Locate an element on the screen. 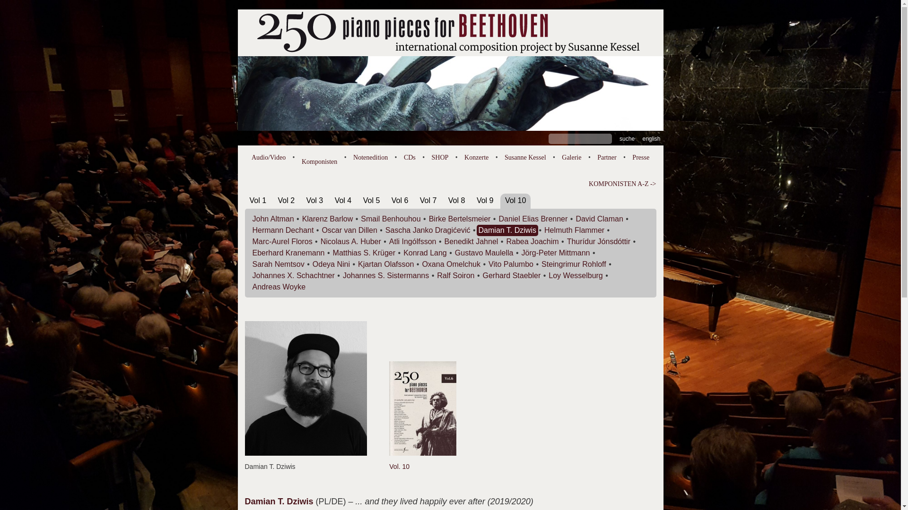  'Galerie' is located at coordinates (562, 157).